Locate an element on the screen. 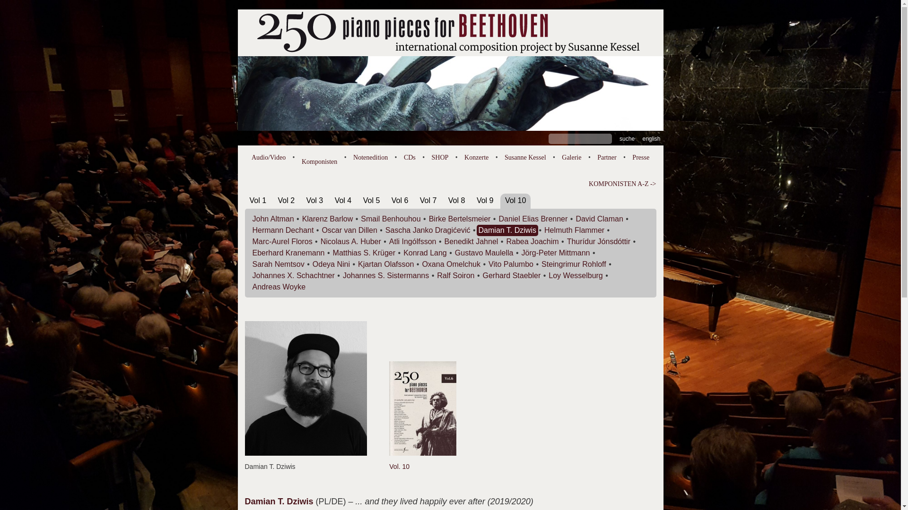  'Galerie' is located at coordinates (562, 157).